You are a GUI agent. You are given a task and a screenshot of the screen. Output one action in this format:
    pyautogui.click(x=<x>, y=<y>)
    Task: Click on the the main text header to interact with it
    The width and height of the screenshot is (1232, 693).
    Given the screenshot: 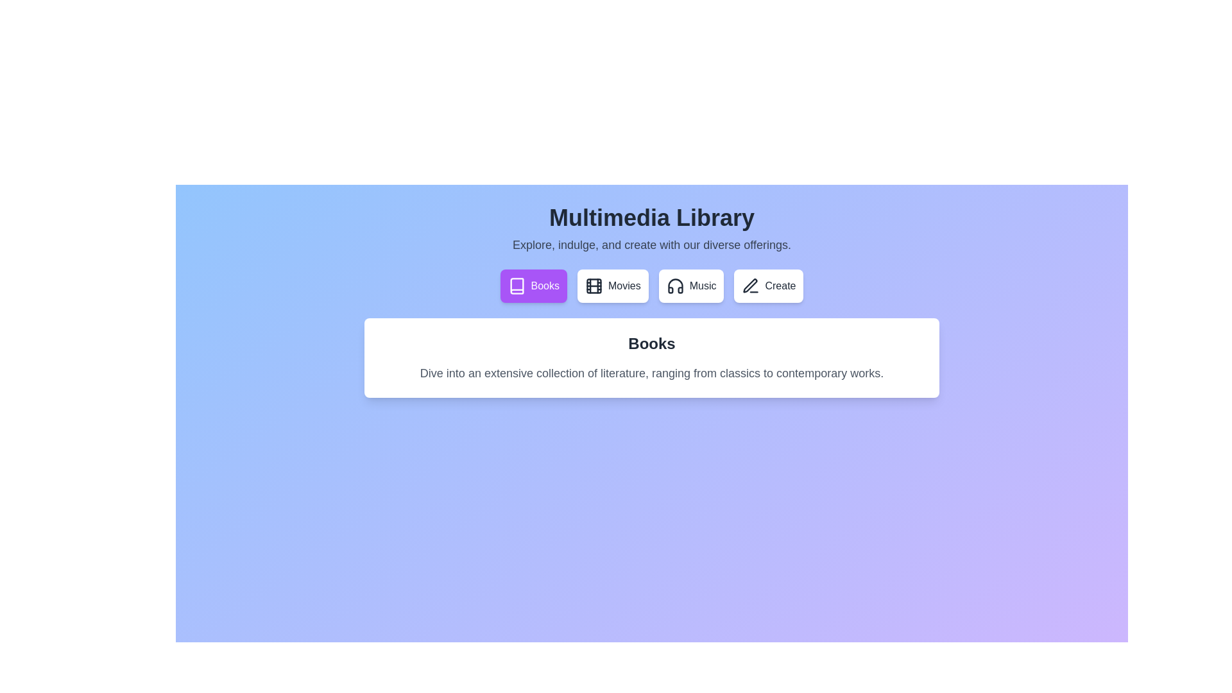 What is the action you would take?
    pyautogui.click(x=652, y=217)
    